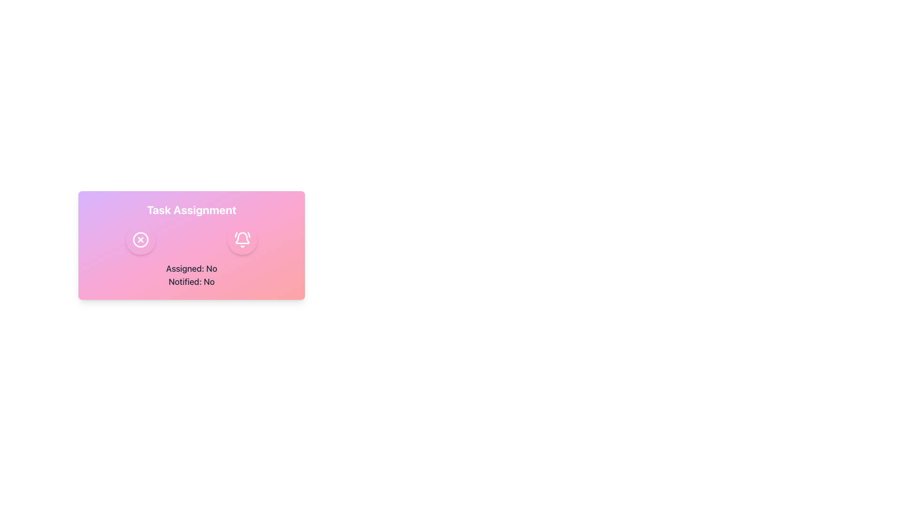 The image size is (901, 506). I want to click on the dismiss or cancel button represented by an 'X' icon, located beneath 'Task Assignment' and above 'Assigned: No' and 'Notified: No', so click(140, 239).